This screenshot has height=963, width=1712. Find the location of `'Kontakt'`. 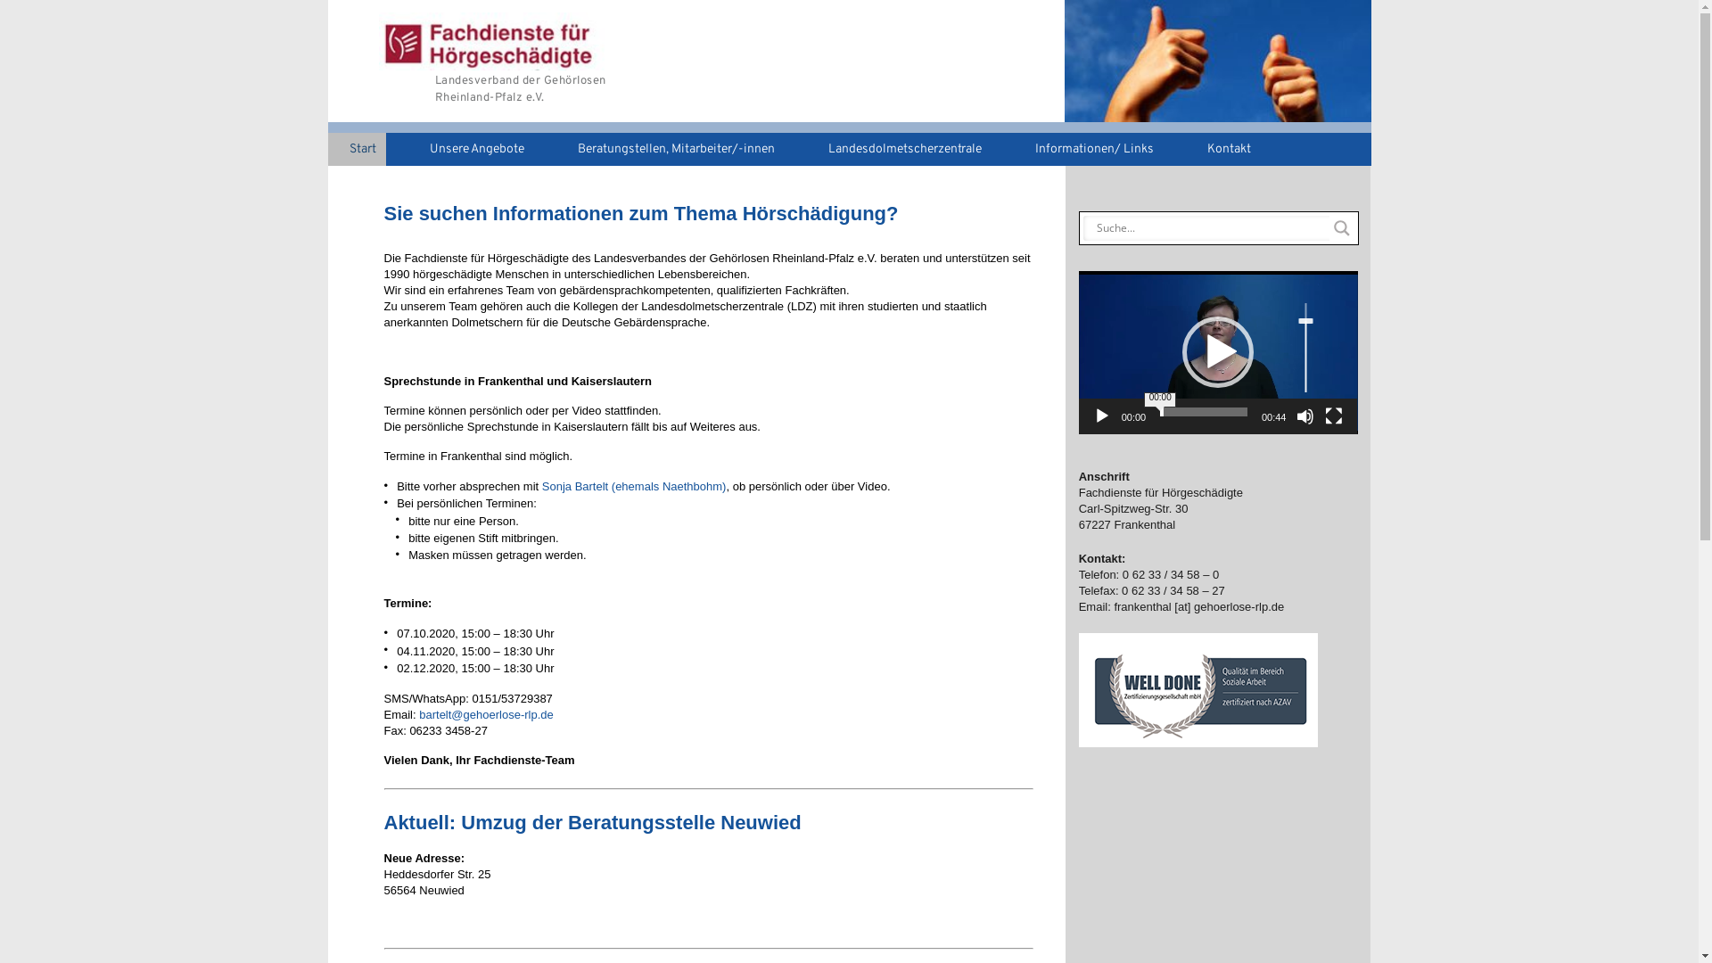

'Kontakt' is located at coordinates (1222, 148).